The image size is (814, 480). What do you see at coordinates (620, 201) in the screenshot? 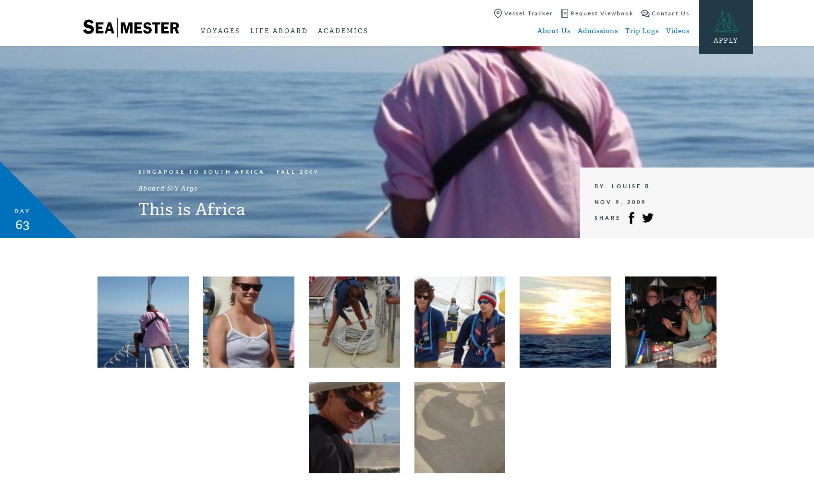
I see `'Nov 9, 2009'` at bounding box center [620, 201].